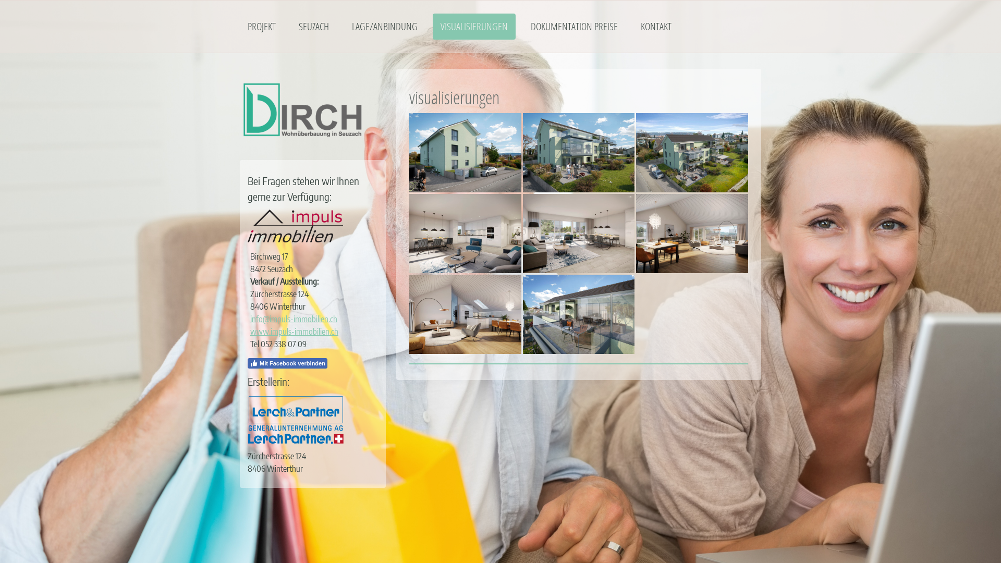 The width and height of the screenshot is (1001, 563). What do you see at coordinates (293, 319) in the screenshot?
I see `'info@impuls-immobilien.ch'` at bounding box center [293, 319].